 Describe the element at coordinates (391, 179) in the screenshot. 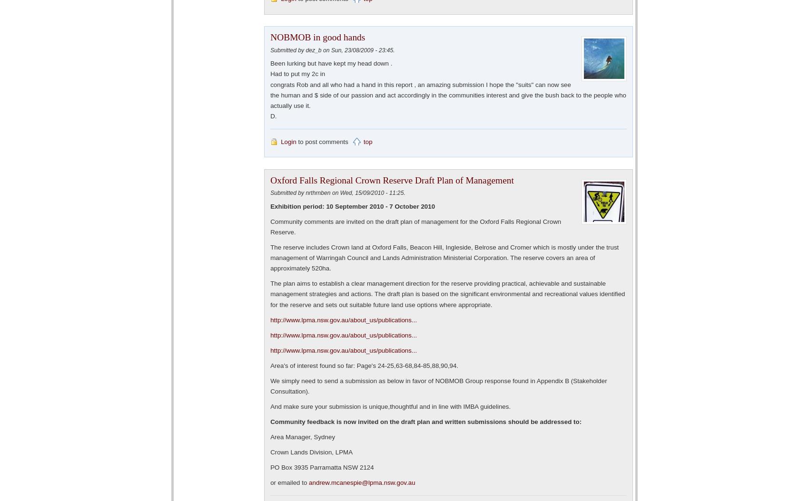

I see `'Oxford Falls Regional Crown Reserve Draft Plan of Management'` at that location.